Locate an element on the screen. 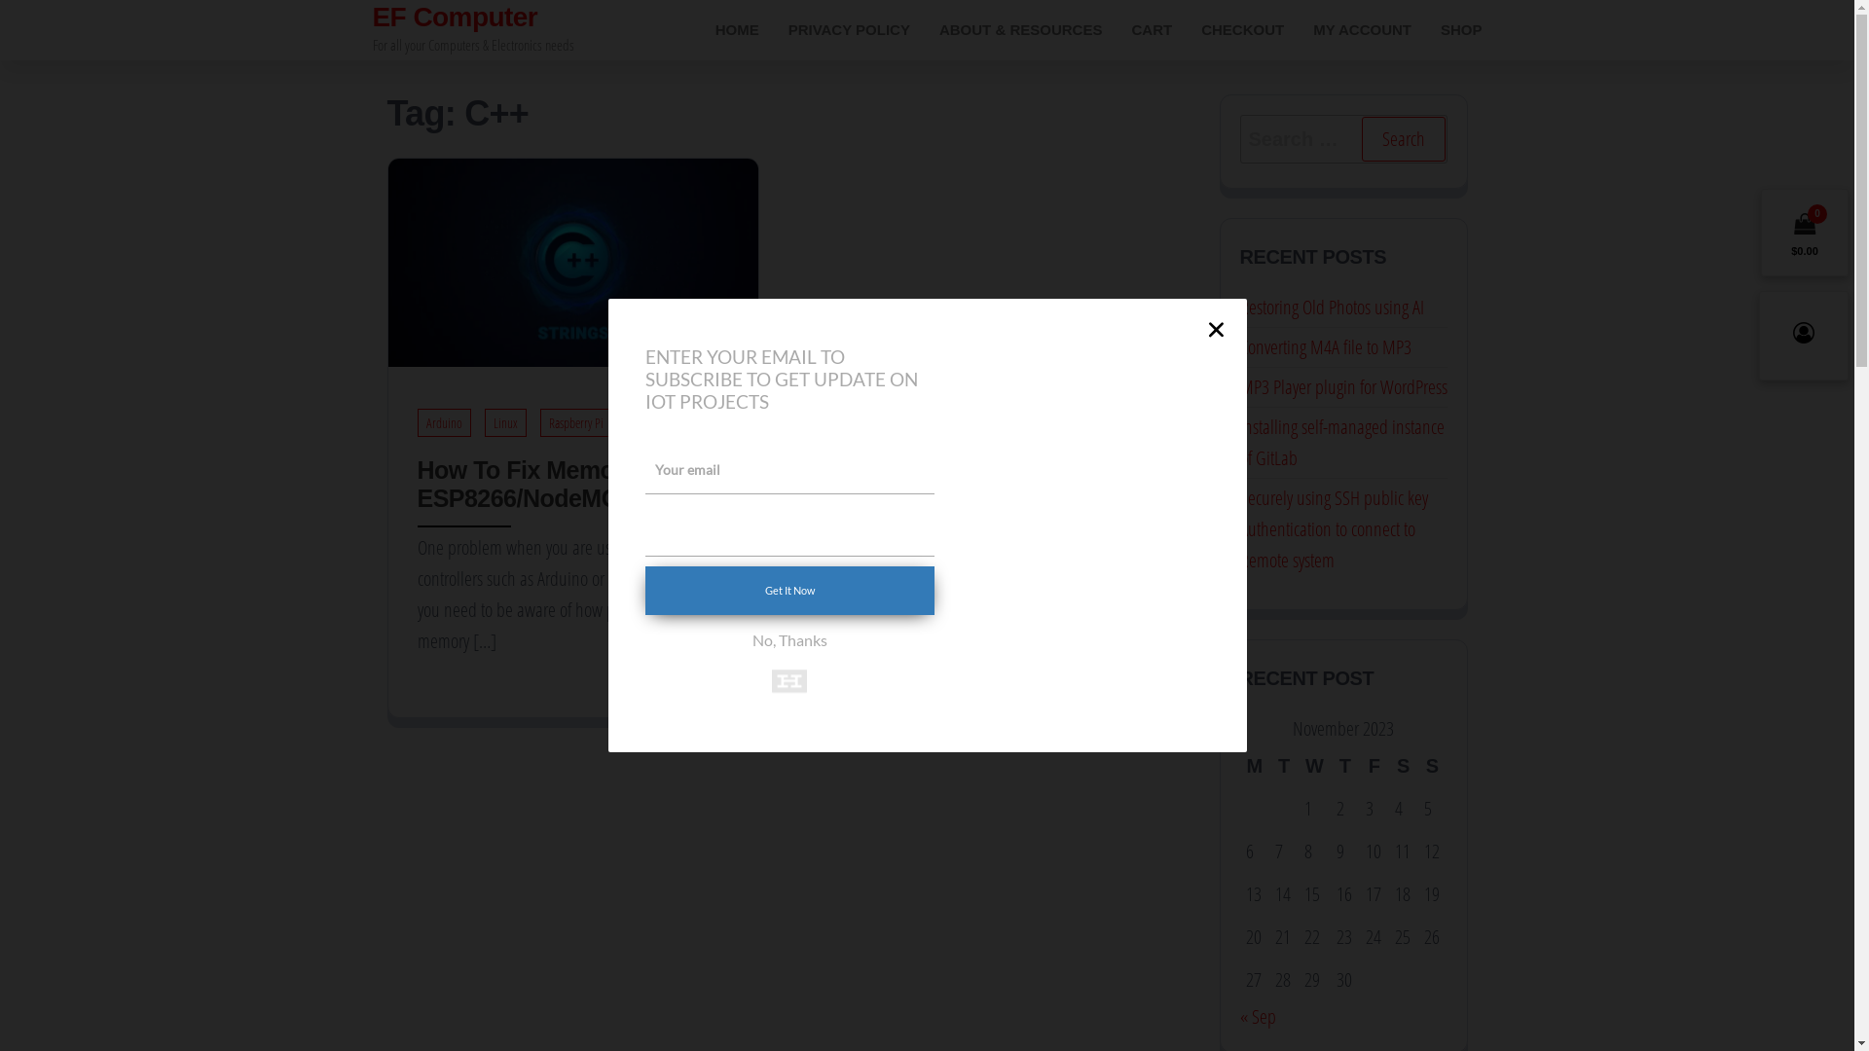  'Converting M4A file to MP3' is located at coordinates (1325, 345).